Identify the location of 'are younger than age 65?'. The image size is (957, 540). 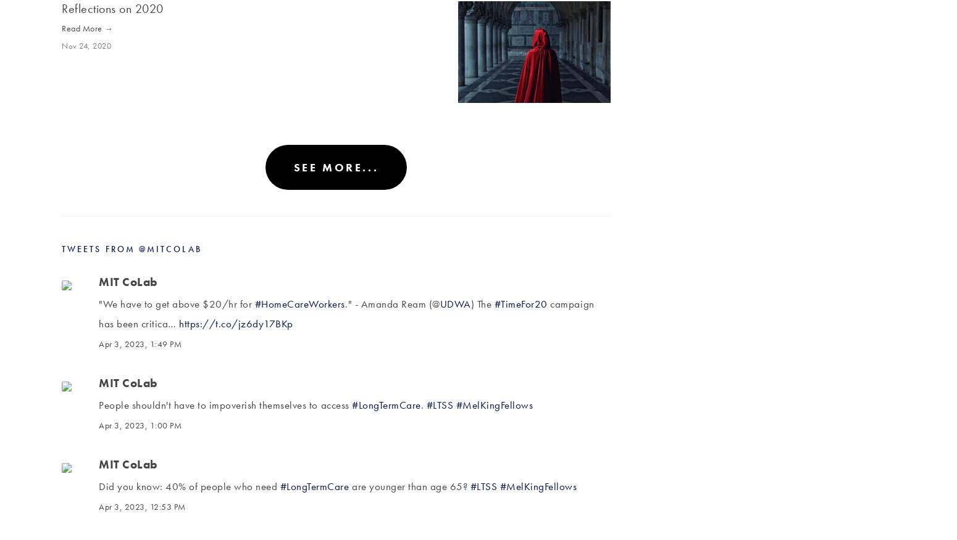
(348, 485).